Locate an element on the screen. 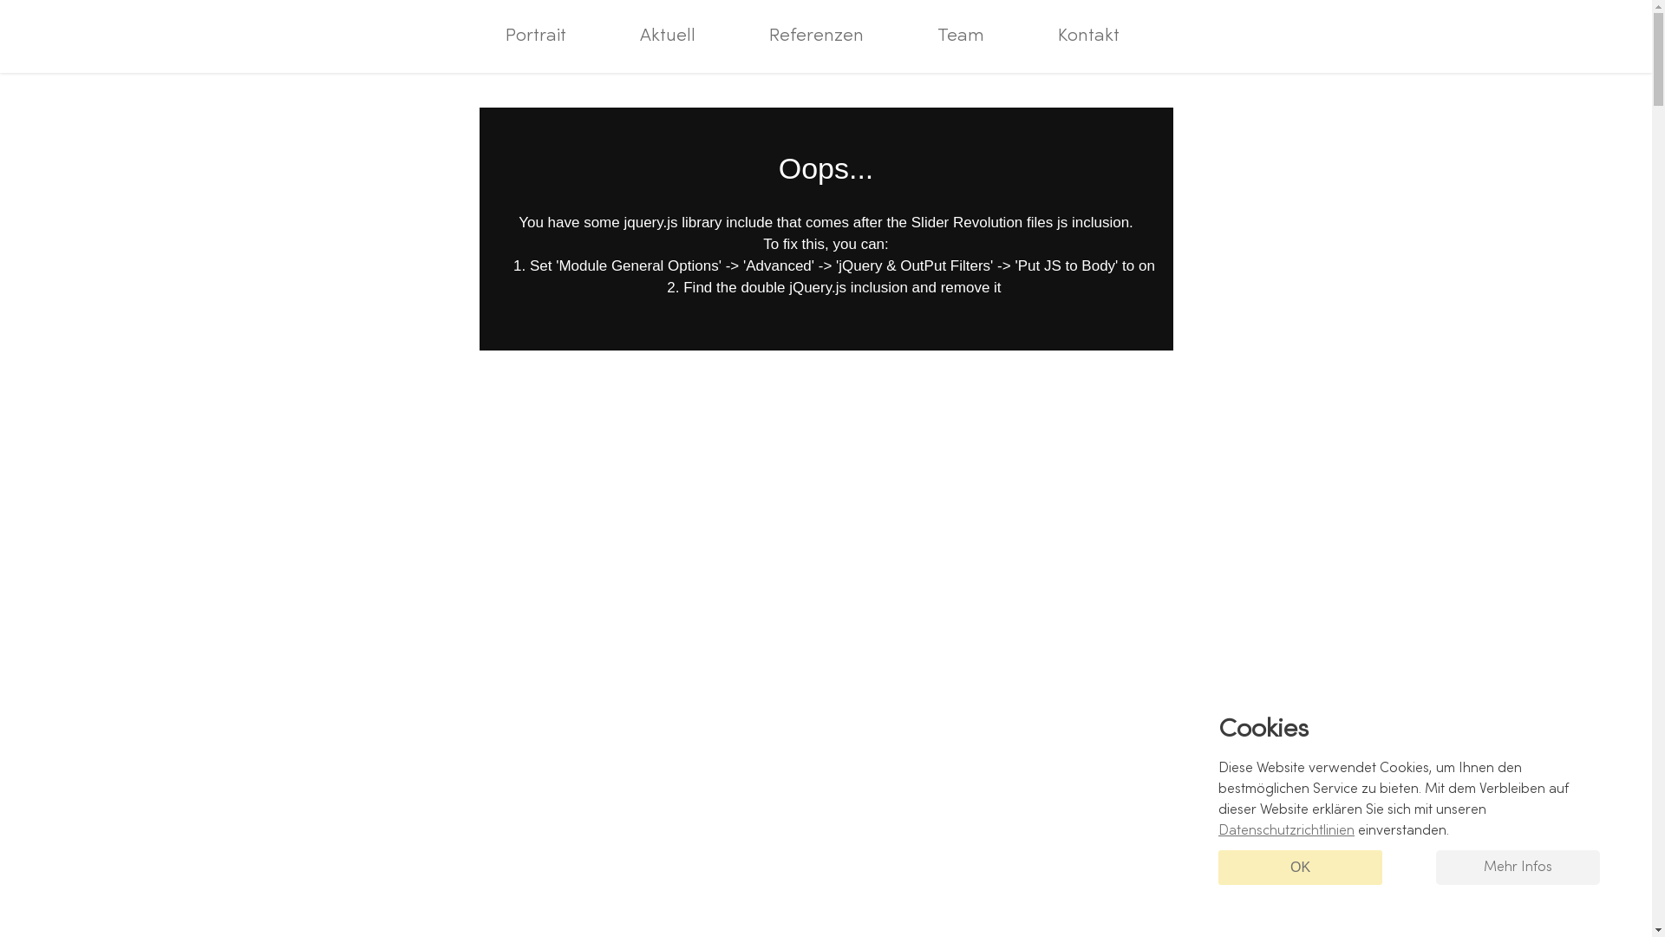  'Team' is located at coordinates (911, 36).